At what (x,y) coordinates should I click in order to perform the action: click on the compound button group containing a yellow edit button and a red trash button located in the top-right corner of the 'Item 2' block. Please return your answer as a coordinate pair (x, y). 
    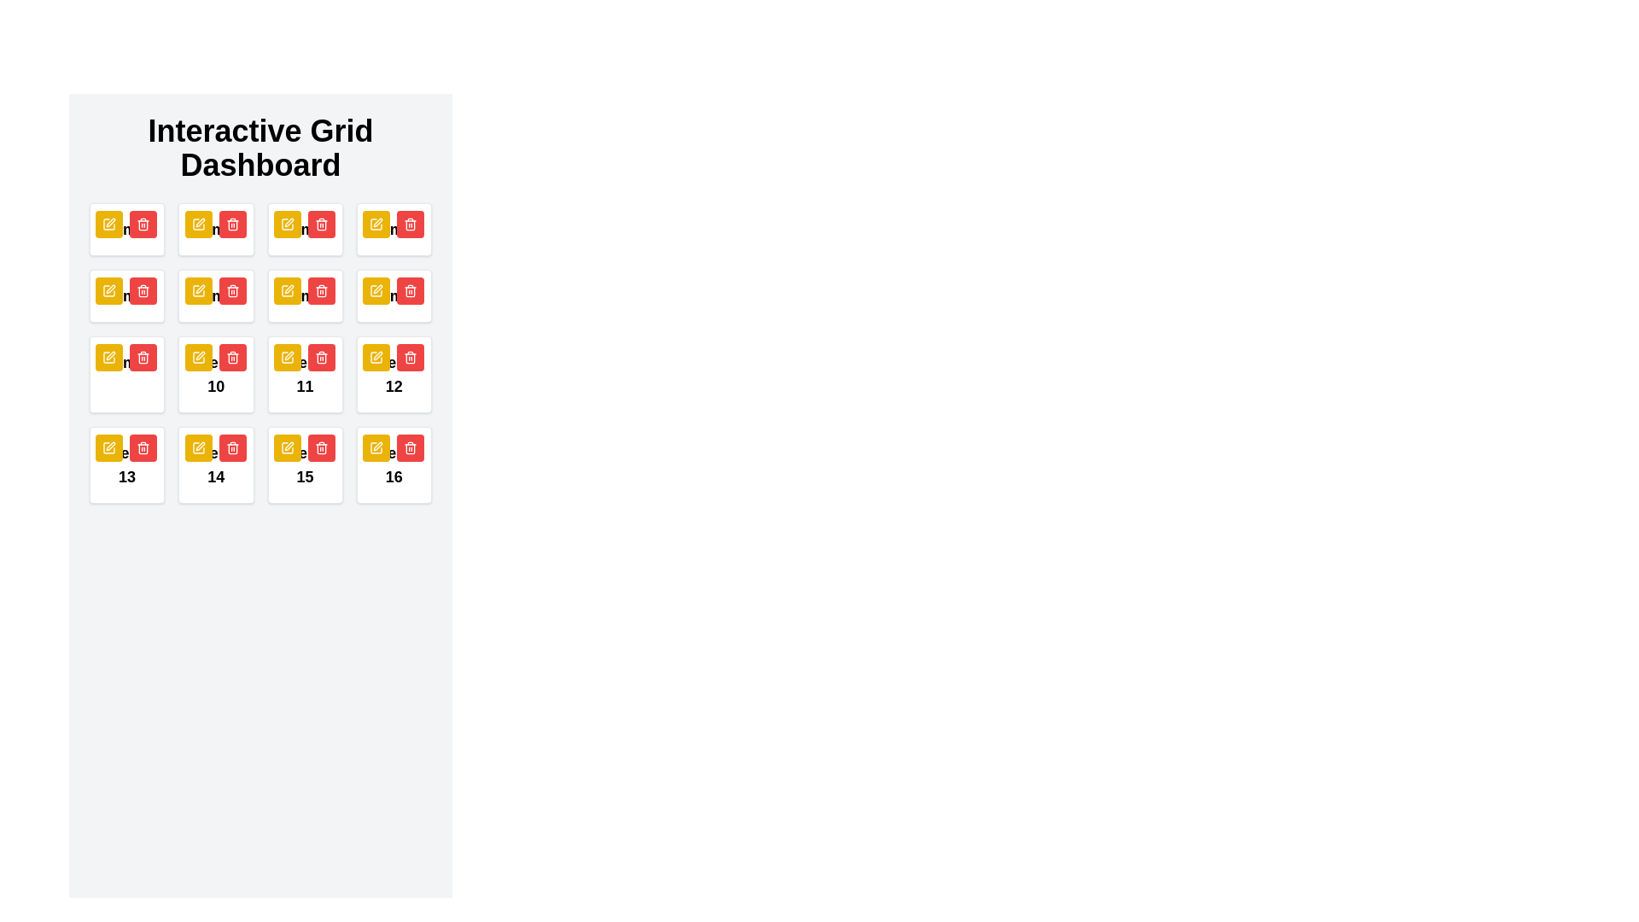
    Looking at the image, I should click on (214, 223).